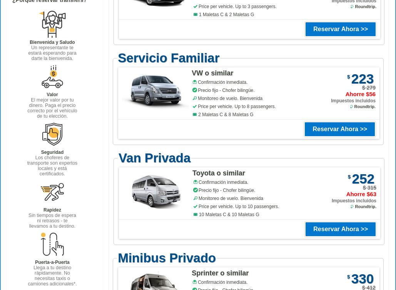  What do you see at coordinates (52, 152) in the screenshot?
I see `'Seguridad'` at bounding box center [52, 152].